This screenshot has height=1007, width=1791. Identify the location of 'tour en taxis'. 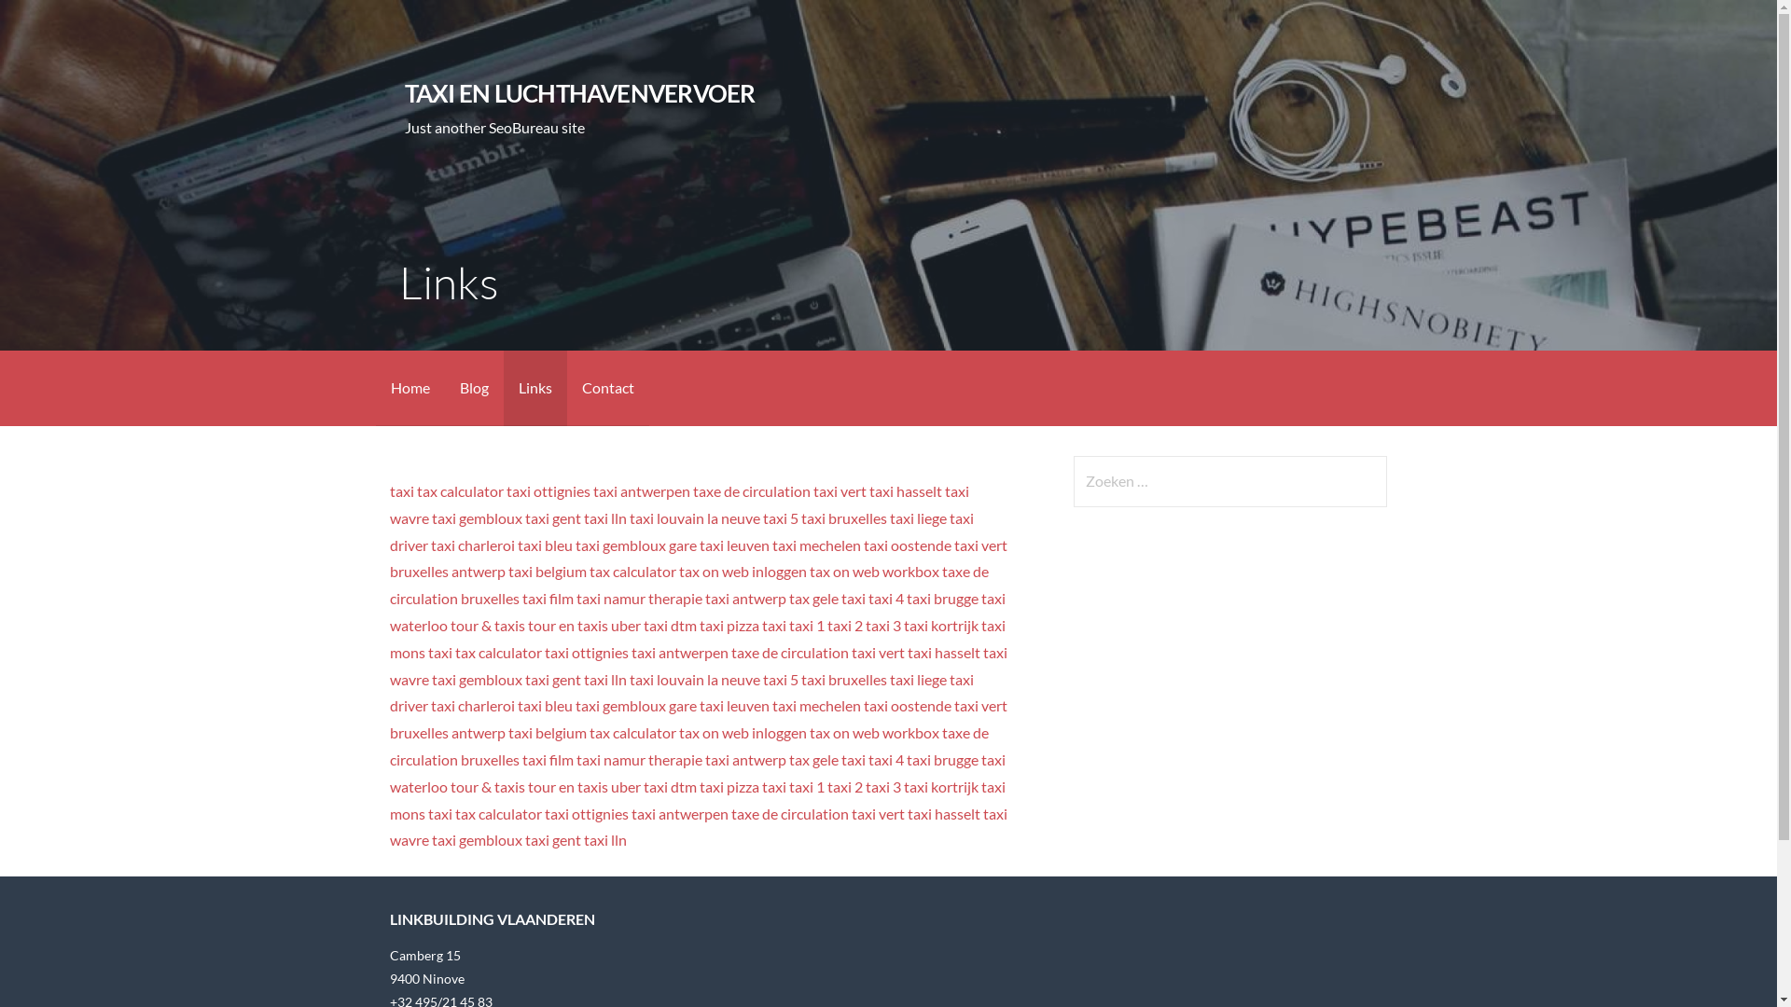
(567, 625).